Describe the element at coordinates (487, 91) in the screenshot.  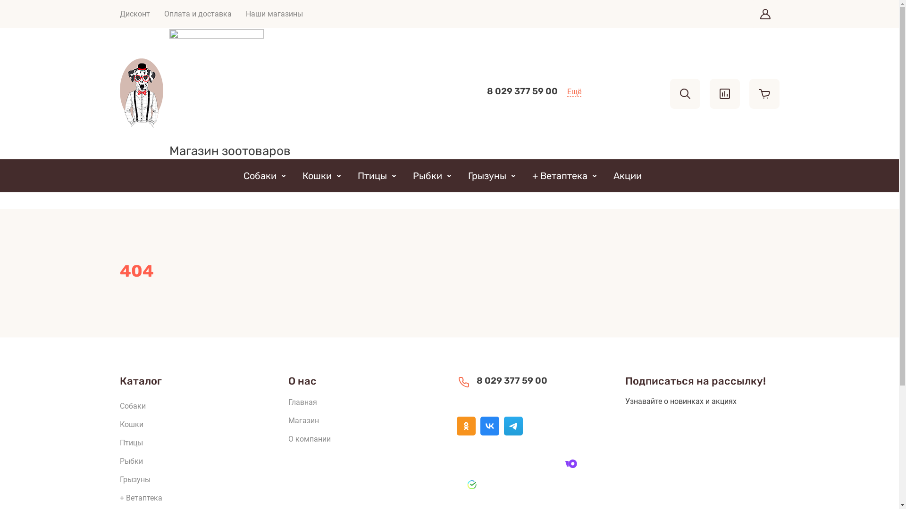
I see `'8 029 377 59 00'` at that location.